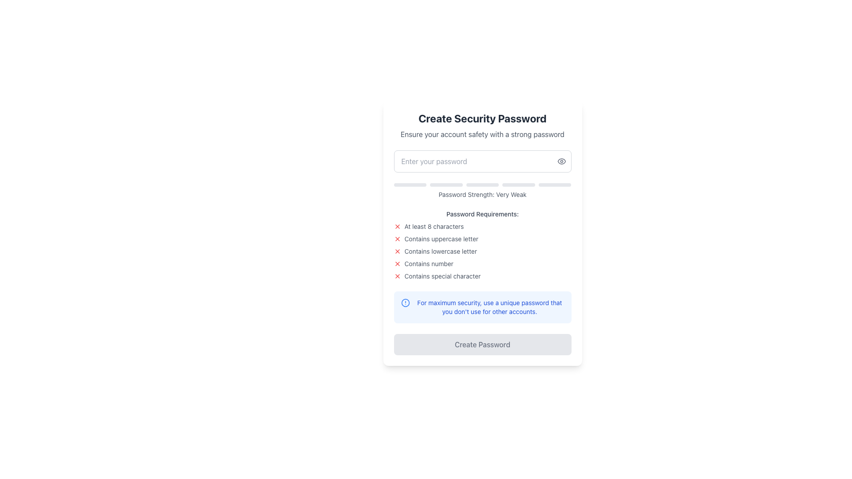 The width and height of the screenshot is (852, 479). What do you see at coordinates (482, 125) in the screenshot?
I see `the text-based header component that includes the main heading and supporting text, which is centrally aligned above the password input field` at bounding box center [482, 125].